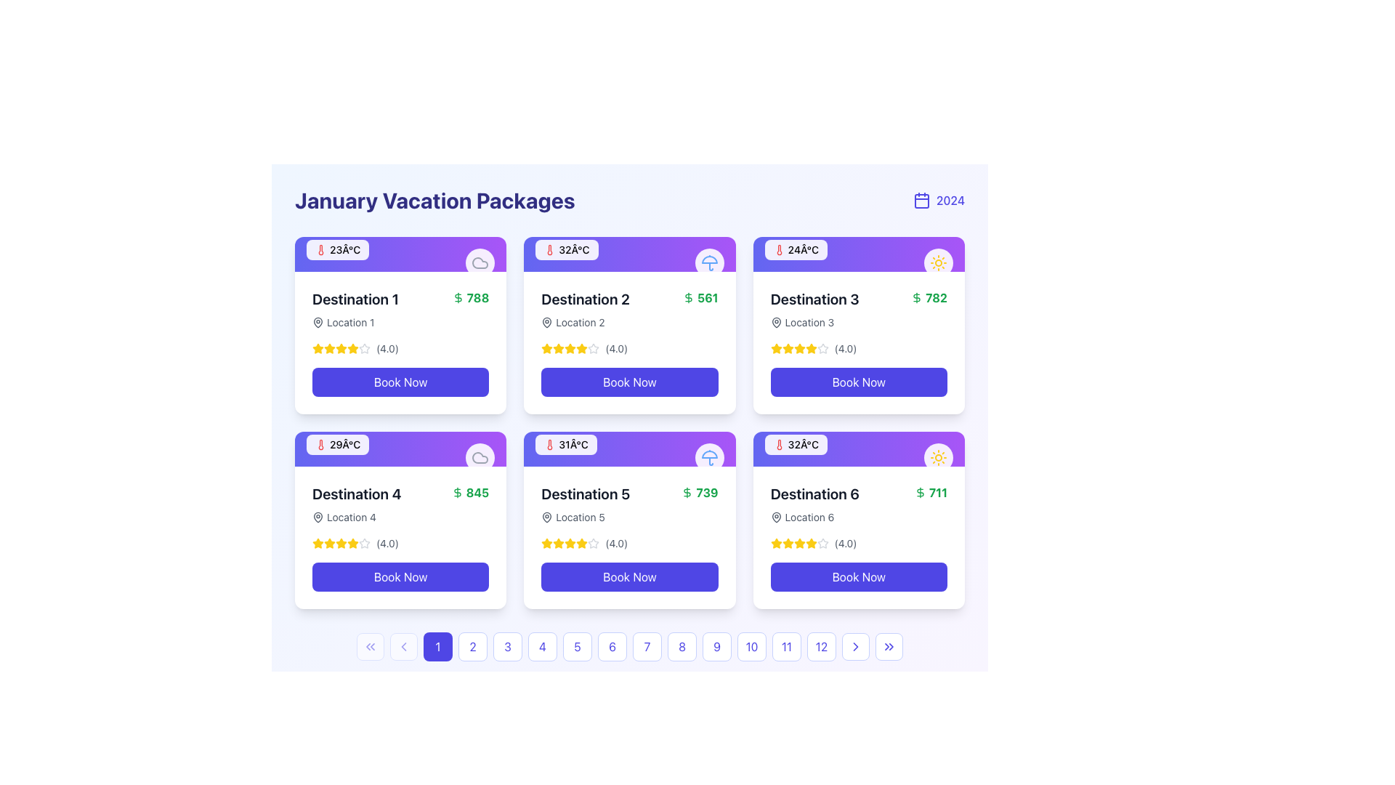  What do you see at coordinates (859, 324) in the screenshot?
I see `the 'Book Now' button on the Information Card for 'Destination 3', which is the third card in the top row of the vacation package grid` at bounding box center [859, 324].